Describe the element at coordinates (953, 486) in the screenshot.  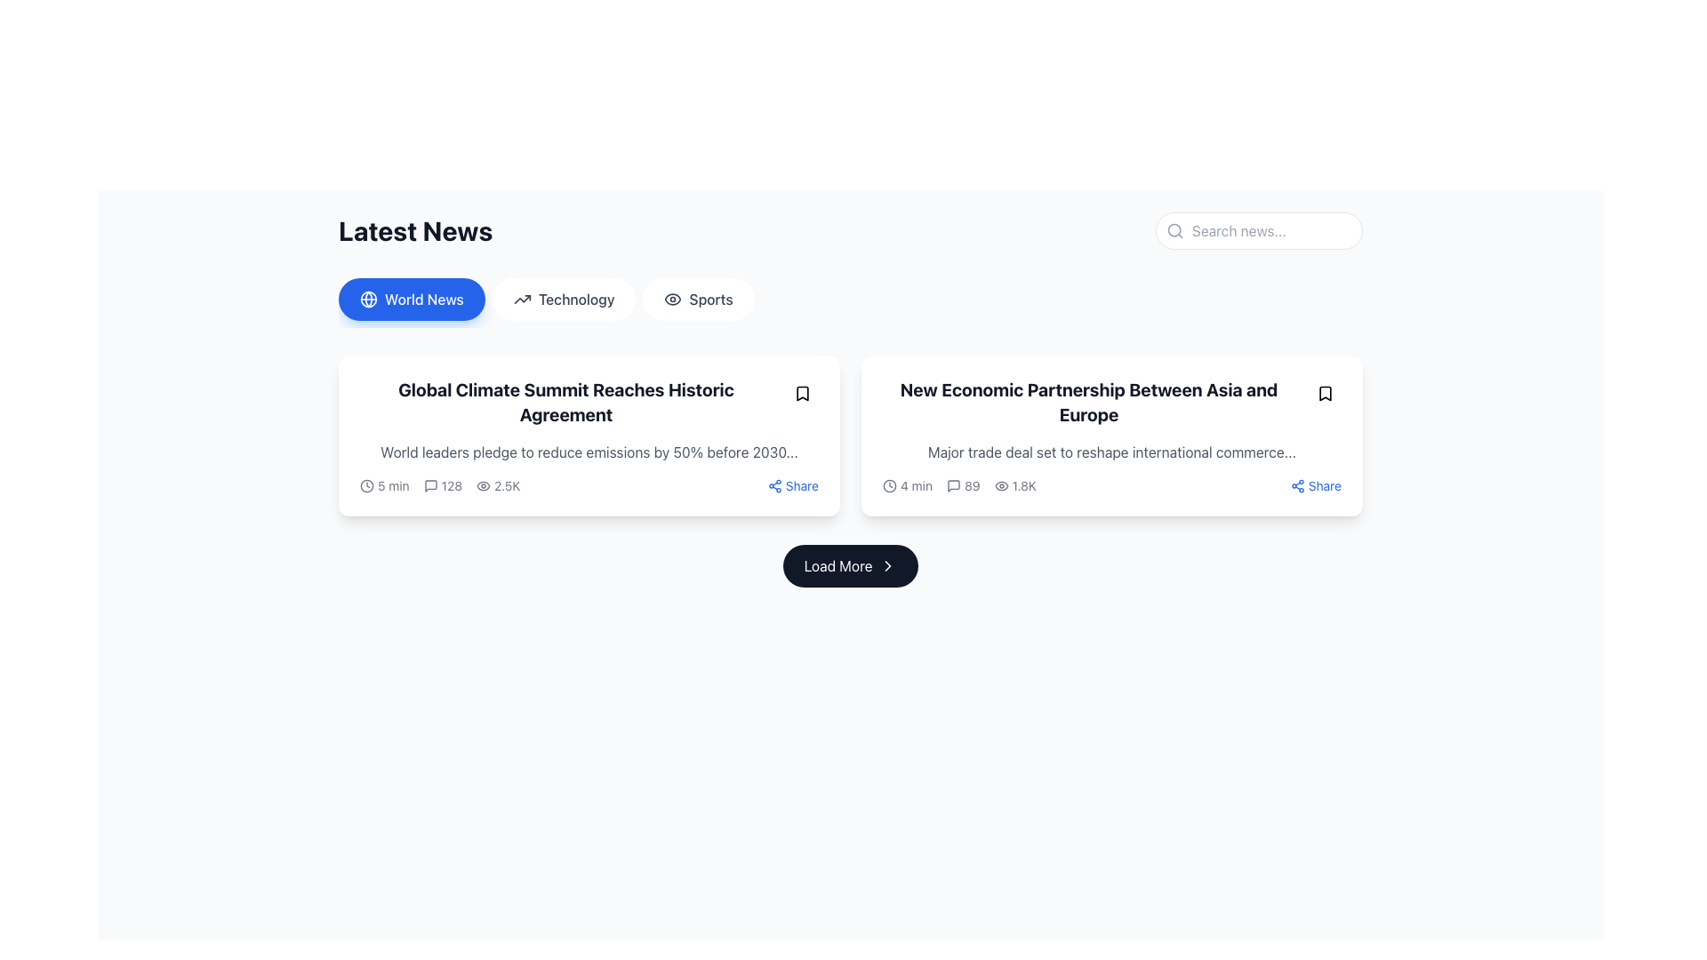
I see `the SVG icon representing the number of comments or discussions related to the article, located below the headline and content of the card in the 'Latest News' section, with the text '89' to its right` at that location.